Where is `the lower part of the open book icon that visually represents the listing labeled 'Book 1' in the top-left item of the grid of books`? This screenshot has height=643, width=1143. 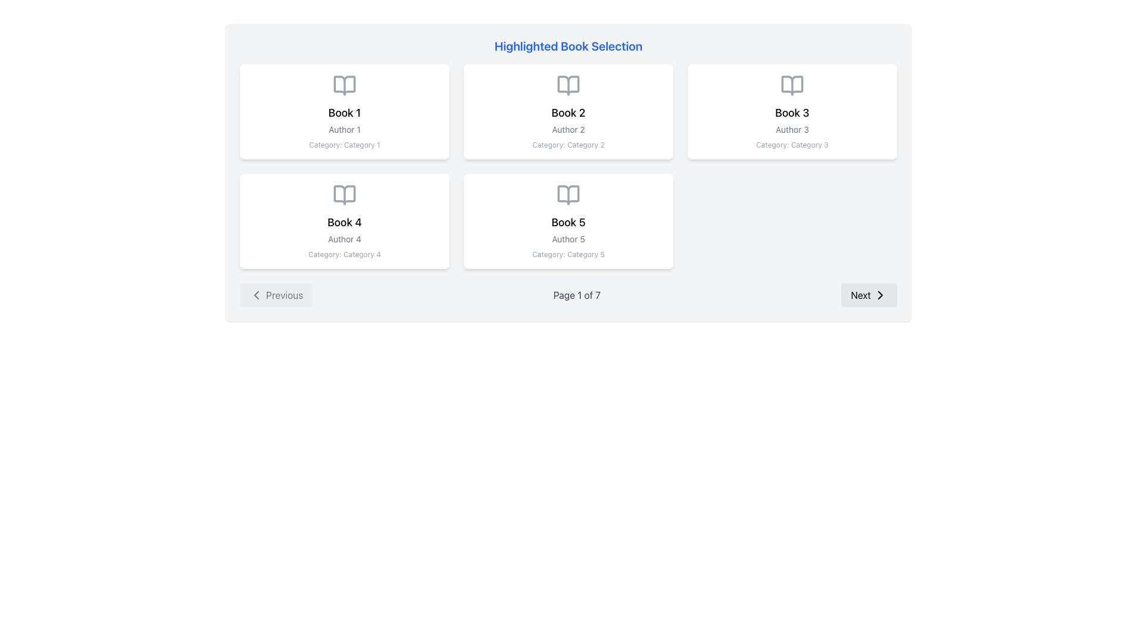 the lower part of the open book icon that visually represents the listing labeled 'Book 1' in the top-left item of the grid of books is located at coordinates (344, 85).